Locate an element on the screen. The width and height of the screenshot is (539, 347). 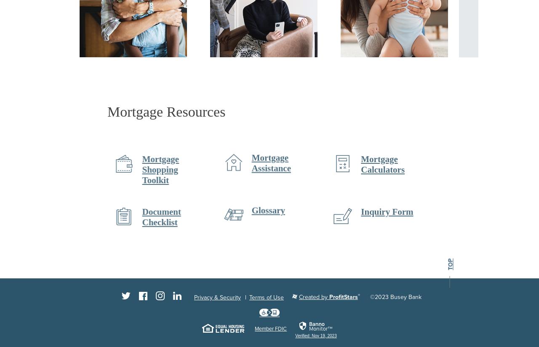
'Member FDIC' is located at coordinates (270, 328).